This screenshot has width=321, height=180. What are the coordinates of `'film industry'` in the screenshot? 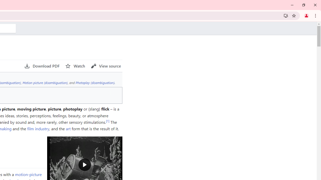 It's located at (38, 128).